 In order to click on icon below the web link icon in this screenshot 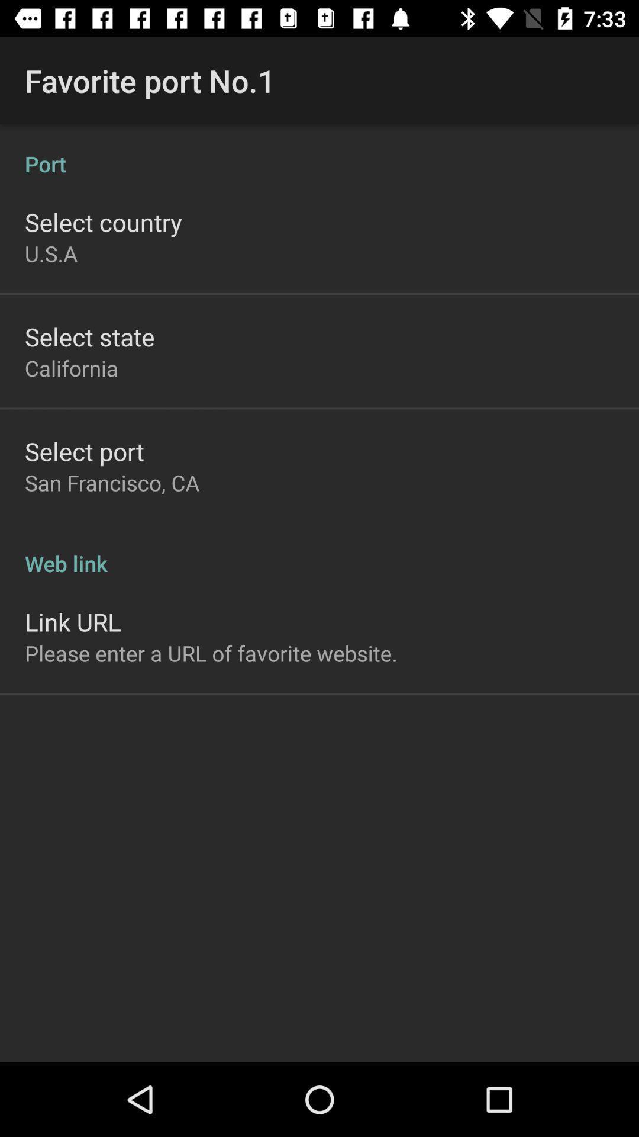, I will do `click(73, 621)`.